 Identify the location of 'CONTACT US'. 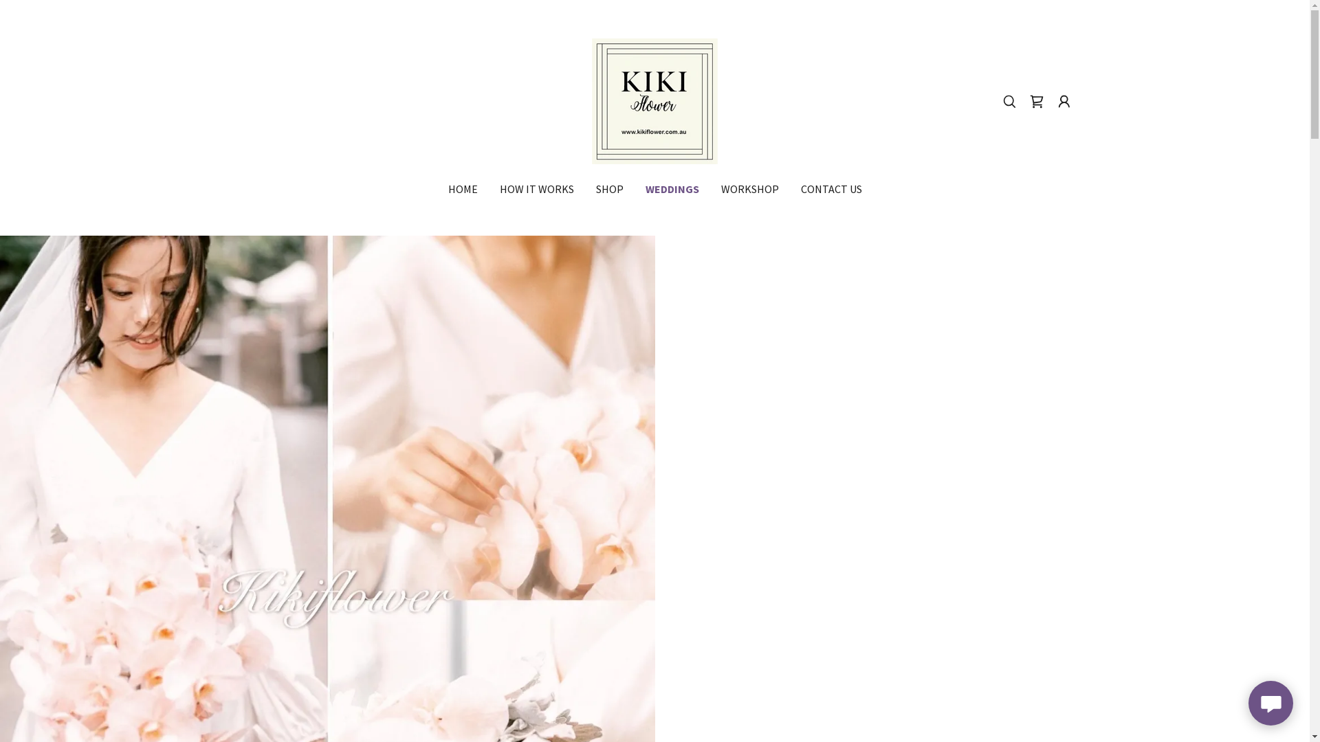
(830, 188).